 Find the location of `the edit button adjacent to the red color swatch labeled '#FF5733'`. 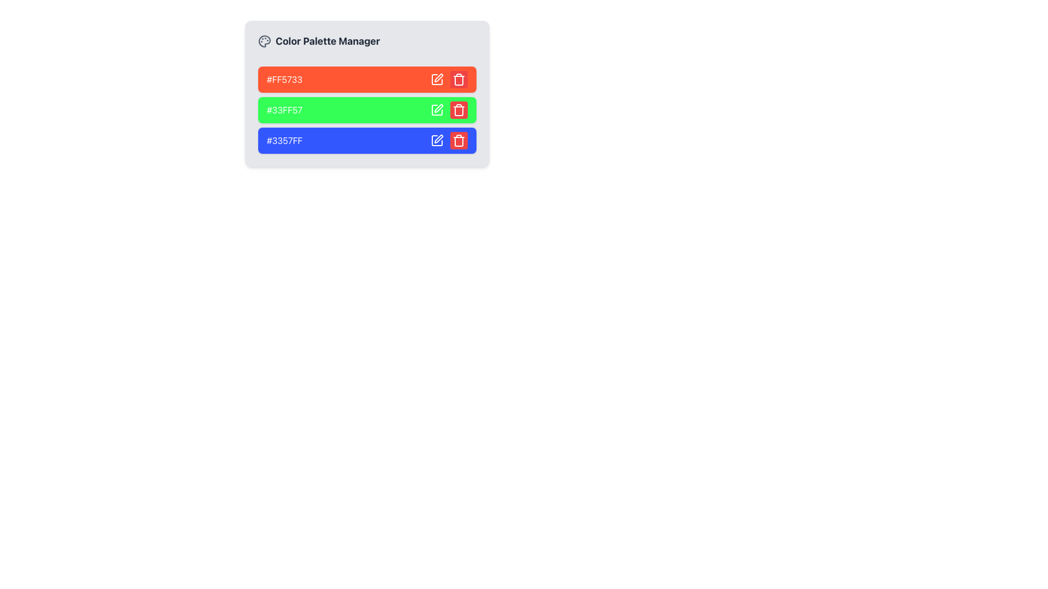

the edit button adjacent to the red color swatch labeled '#FF5733' is located at coordinates (439, 138).